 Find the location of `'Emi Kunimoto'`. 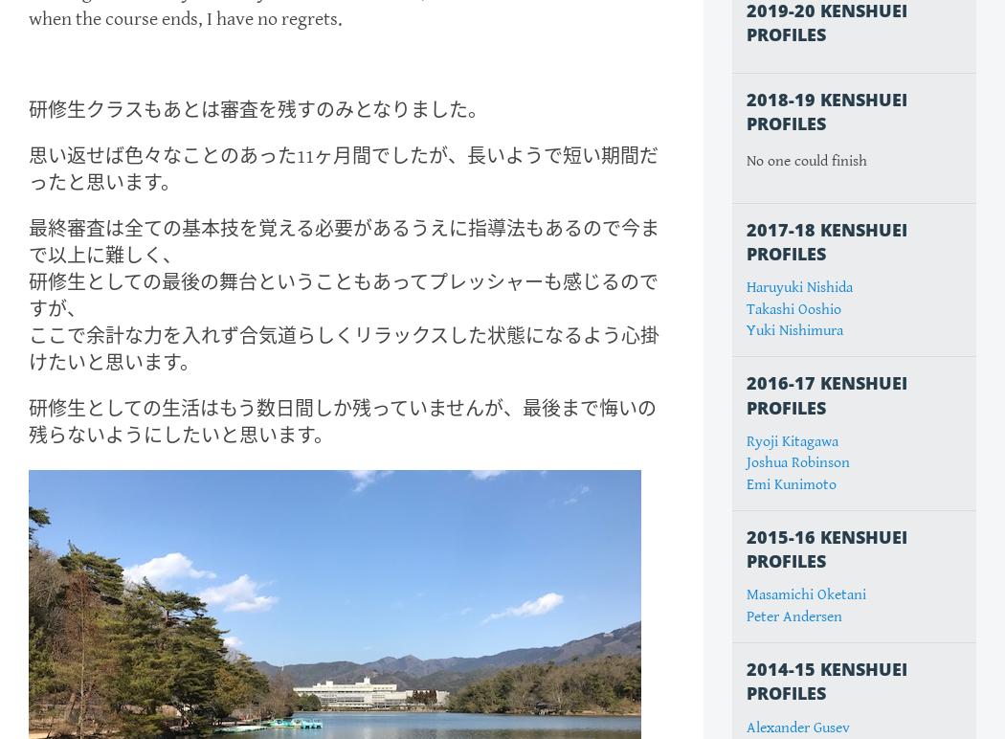

'Emi Kunimoto' is located at coordinates (791, 482).